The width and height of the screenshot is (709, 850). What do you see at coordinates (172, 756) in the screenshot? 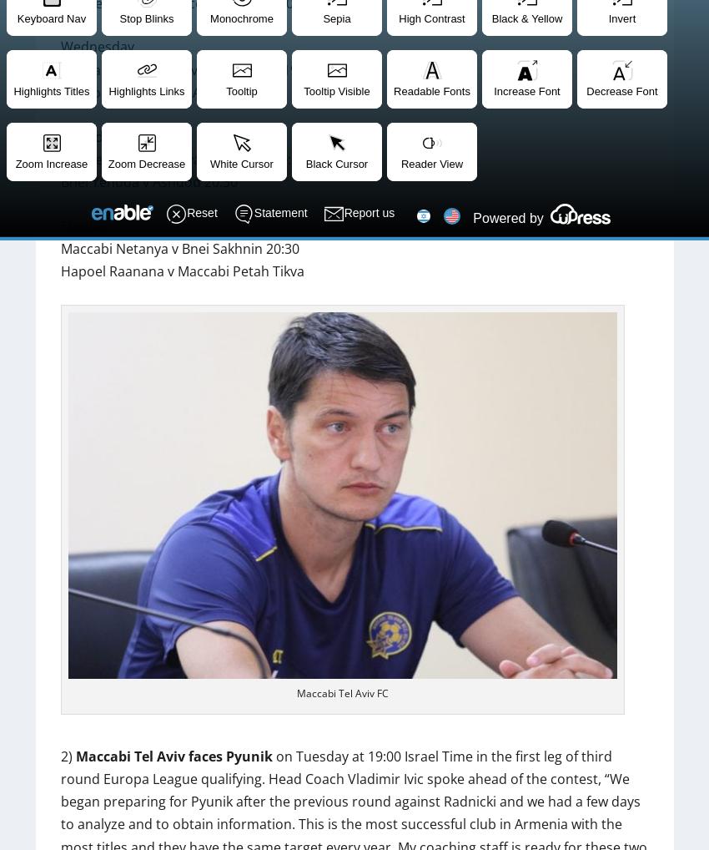
I see `'Maccabi Tel Aviv faces Pyunik'` at bounding box center [172, 756].